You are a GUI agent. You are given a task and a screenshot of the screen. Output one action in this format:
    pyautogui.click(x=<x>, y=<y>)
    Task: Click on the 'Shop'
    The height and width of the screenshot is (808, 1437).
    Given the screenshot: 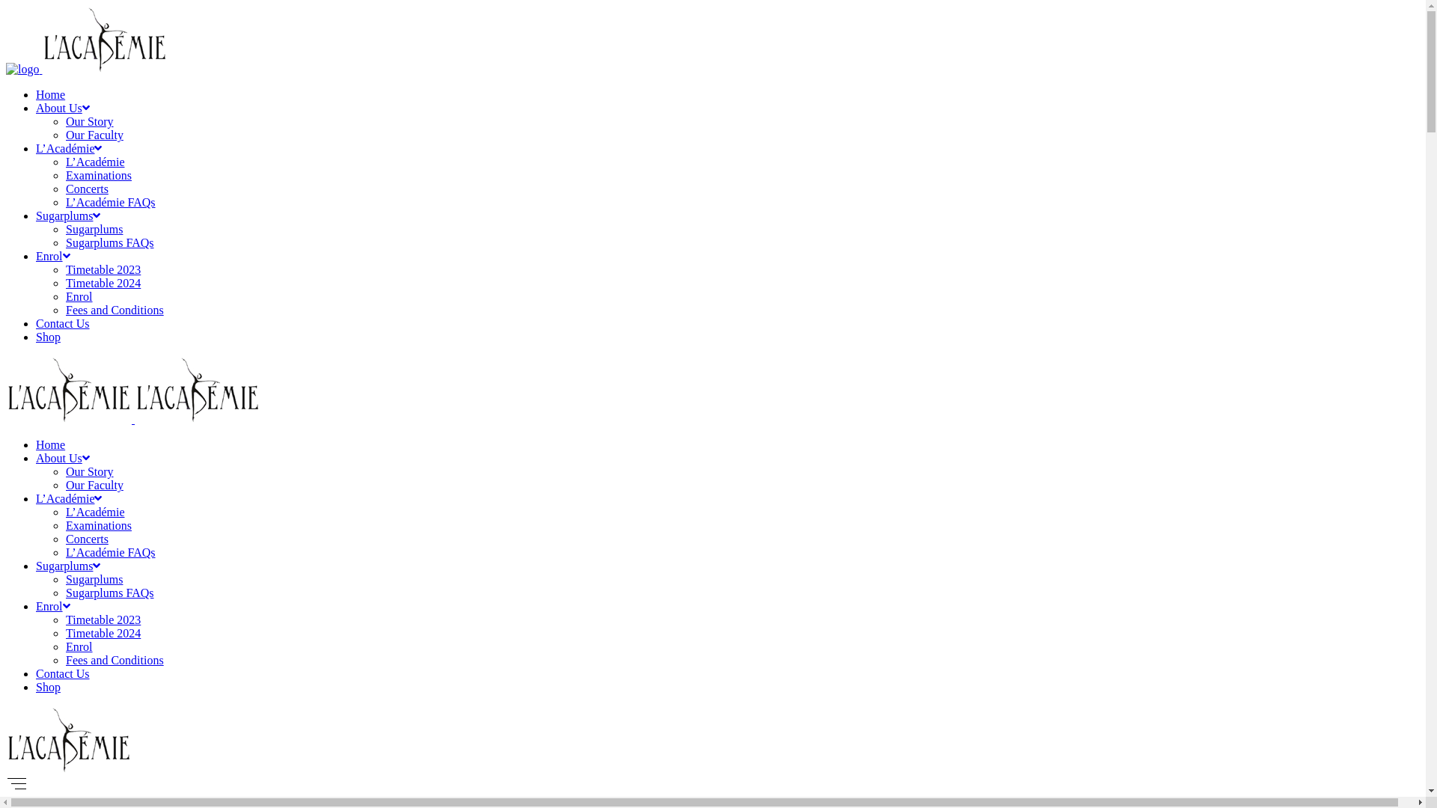 What is the action you would take?
    pyautogui.click(x=48, y=687)
    